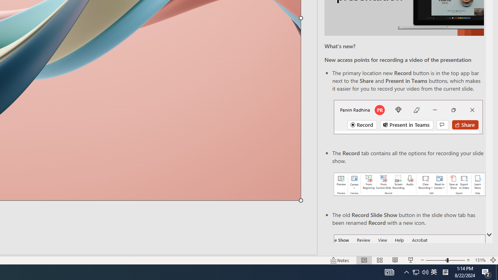  Describe the element at coordinates (409, 184) in the screenshot. I see `'Record your presentations screenshot one'` at that location.